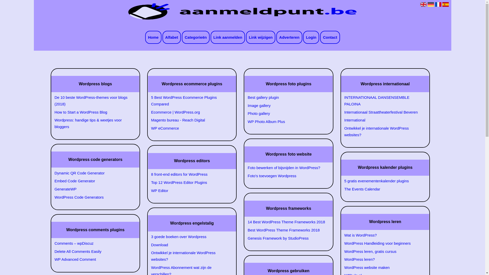 This screenshot has width=489, height=275. Describe the element at coordinates (92, 259) in the screenshot. I see `'WP Advanced Comment'` at that location.